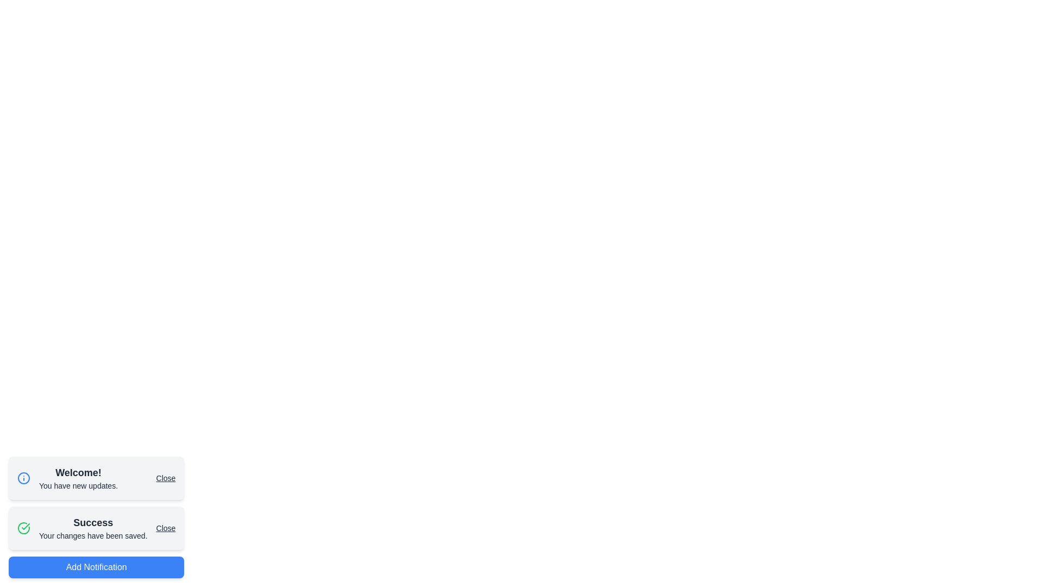  I want to click on the interactive link located at the top-right corner of the success notification box, so click(165, 528).